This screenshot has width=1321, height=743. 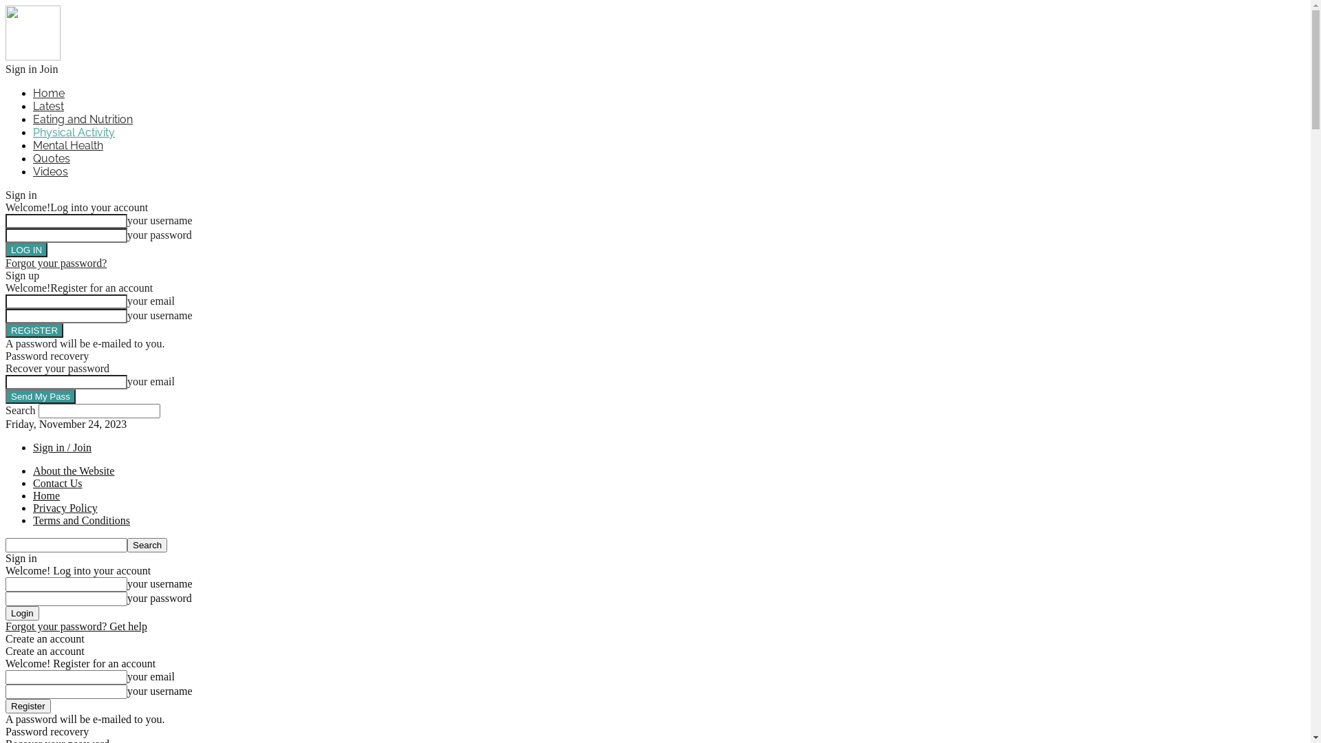 I want to click on 'Eating and Nutrition', so click(x=82, y=118).